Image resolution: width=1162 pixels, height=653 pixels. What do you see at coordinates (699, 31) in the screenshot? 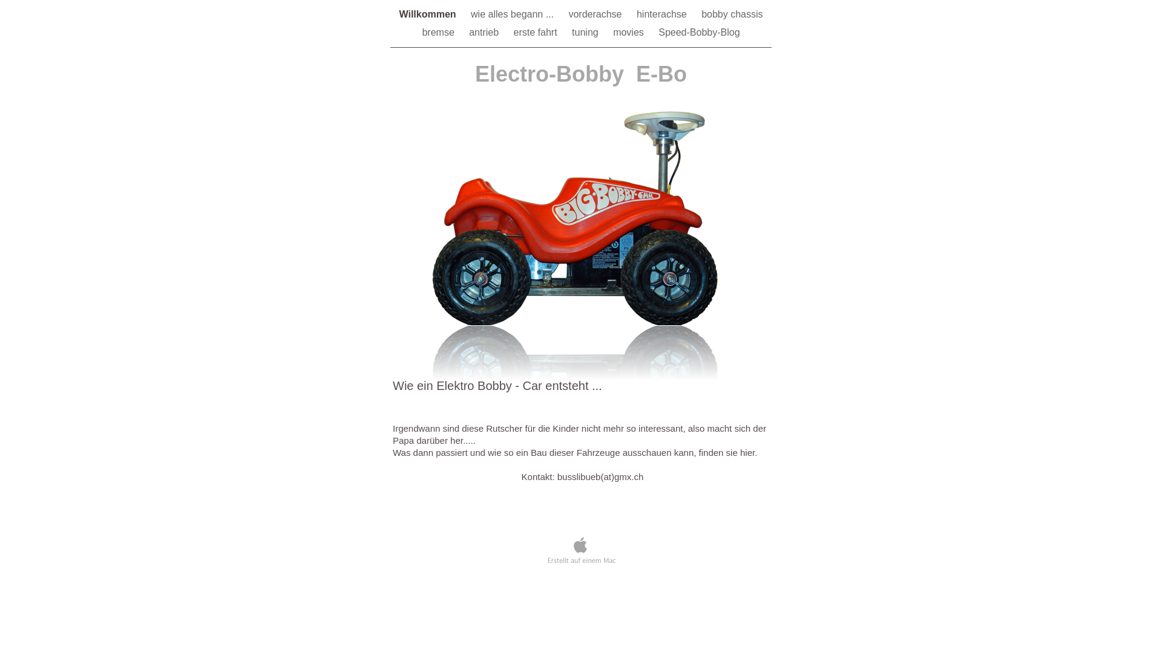
I see `'Speed-Bobby-Blog'` at bounding box center [699, 31].